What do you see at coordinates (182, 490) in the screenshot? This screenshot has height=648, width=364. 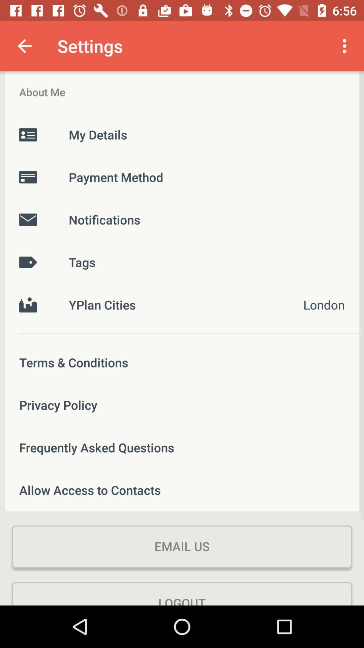 I see `the allow access to` at bounding box center [182, 490].